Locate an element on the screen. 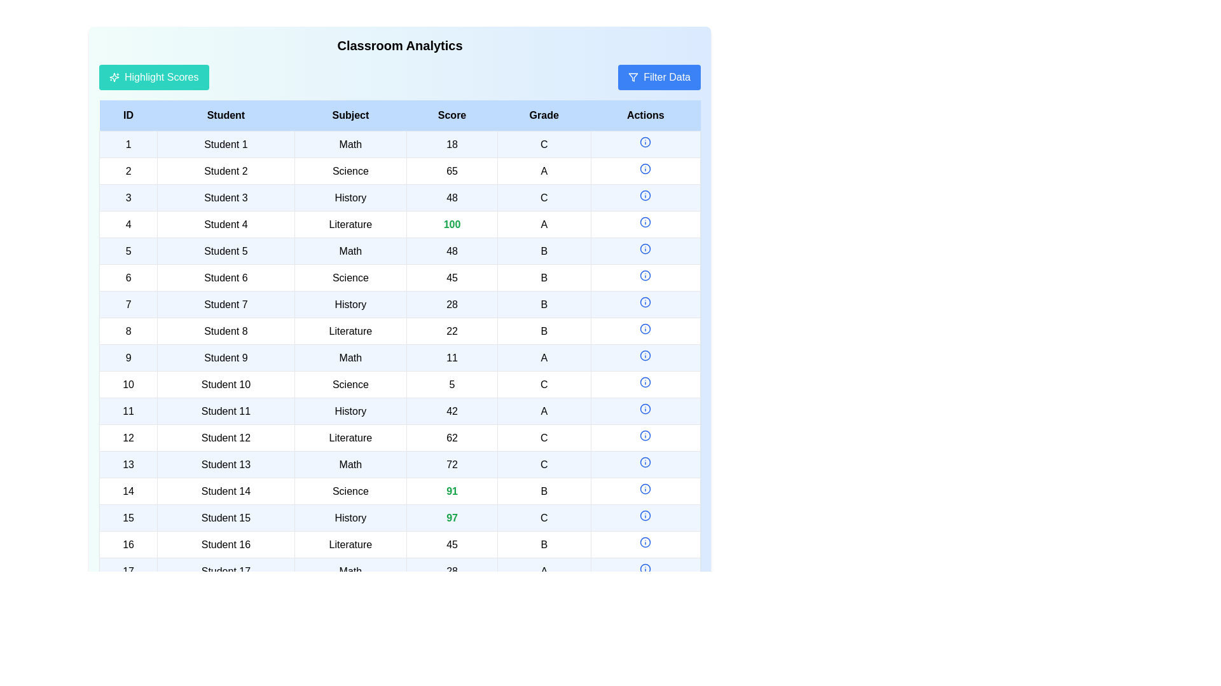 This screenshot has width=1221, height=686. the 'Info' icon in the 'Actions' column for the student with ID 2 is located at coordinates (645, 168).